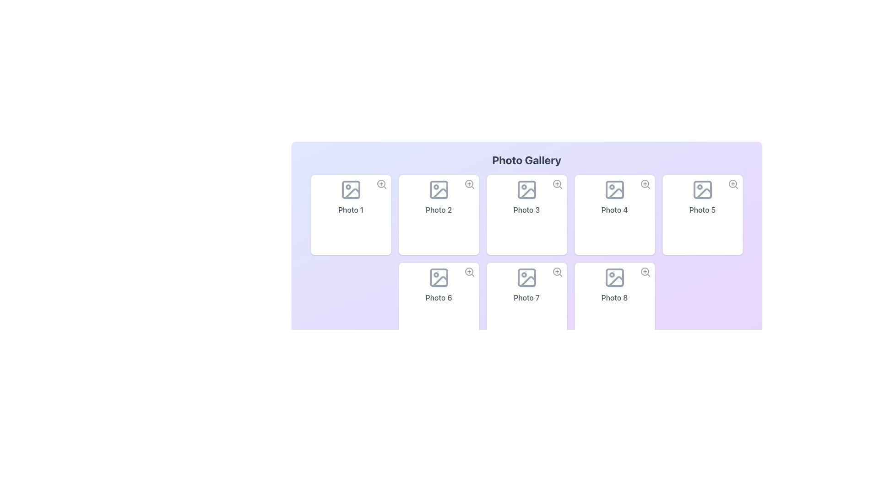 The height and width of the screenshot is (494, 879). I want to click on graphical decorative element within the placeholder icon for 'Photo 1' located in the bottom right of the first grid item in the gallery interface for debugging purposes, so click(352, 193).